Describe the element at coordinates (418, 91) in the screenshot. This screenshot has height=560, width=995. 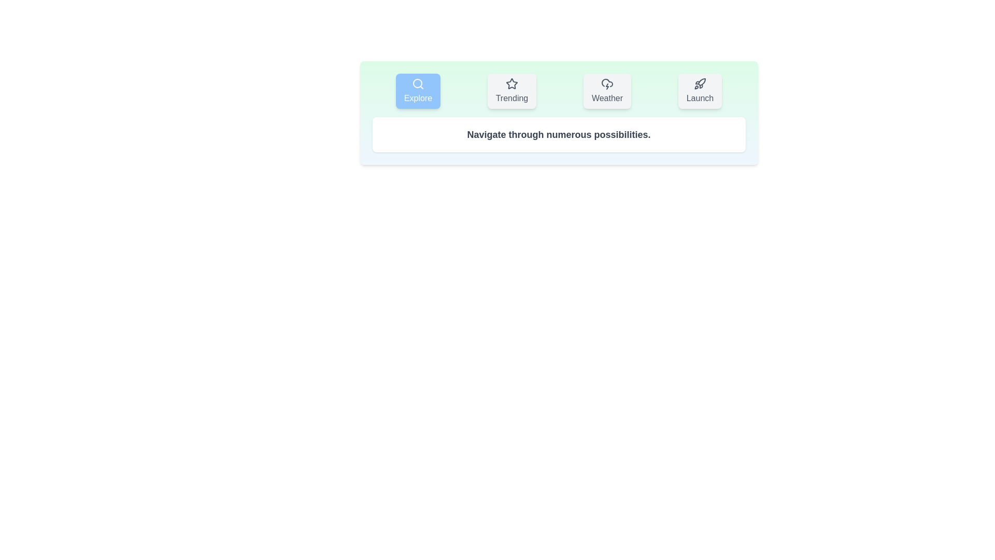
I see `the Explore tab to view its content` at that location.